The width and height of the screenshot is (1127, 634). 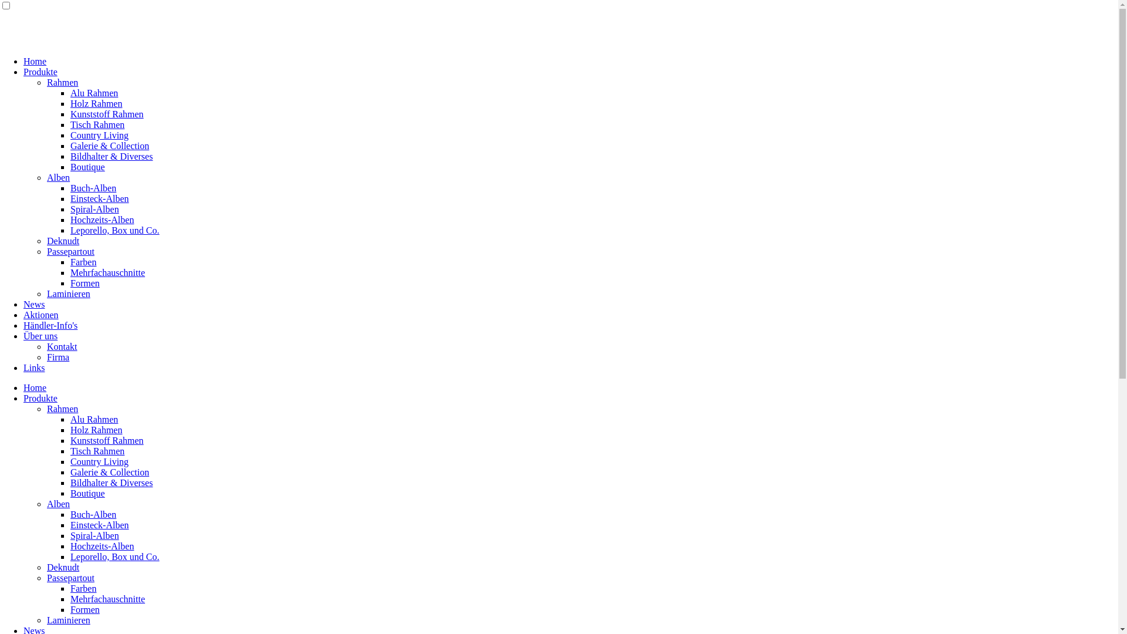 What do you see at coordinates (58, 177) in the screenshot?
I see `'Alben'` at bounding box center [58, 177].